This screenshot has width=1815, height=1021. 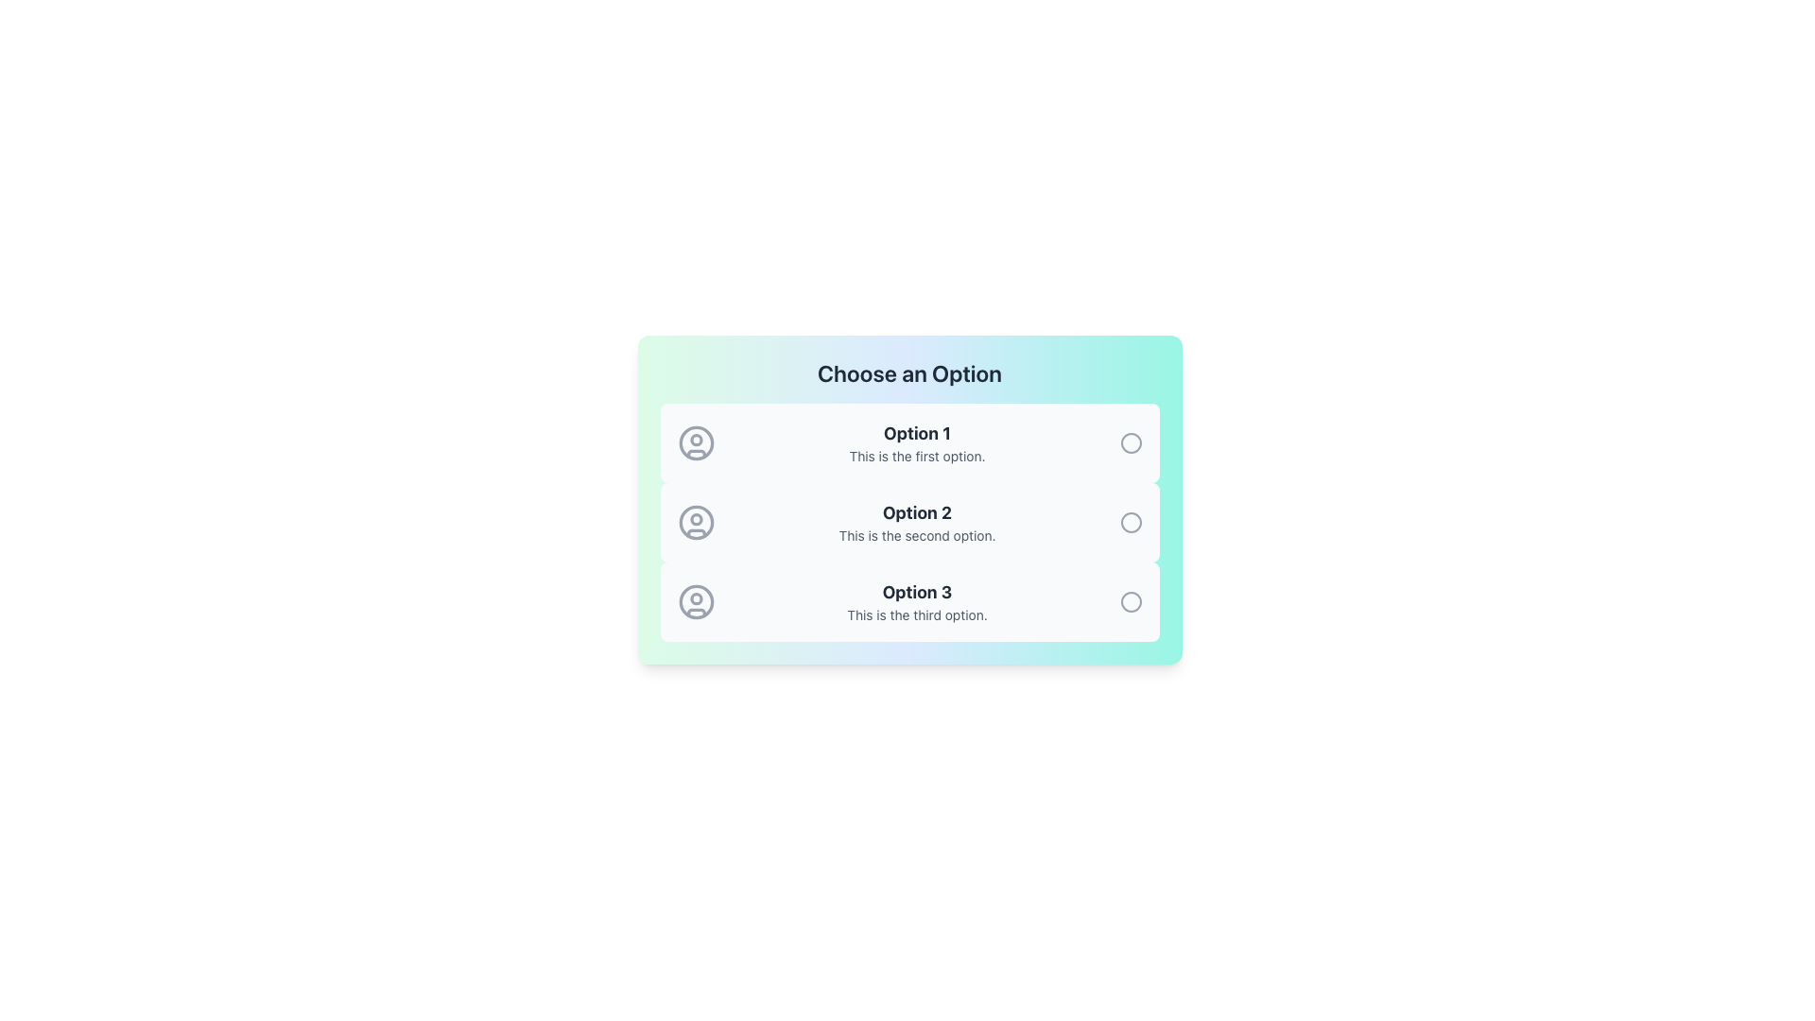 What do you see at coordinates (1131, 601) in the screenshot?
I see `the Radio Button located to the right of 'Option 3' in the list` at bounding box center [1131, 601].